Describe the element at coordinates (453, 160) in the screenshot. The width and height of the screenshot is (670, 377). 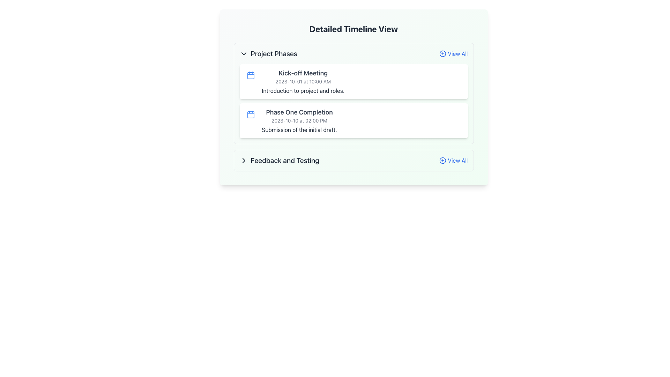
I see `the interactive link located in the bottom-right corner of the 'Feedback and Testing' section` at that location.